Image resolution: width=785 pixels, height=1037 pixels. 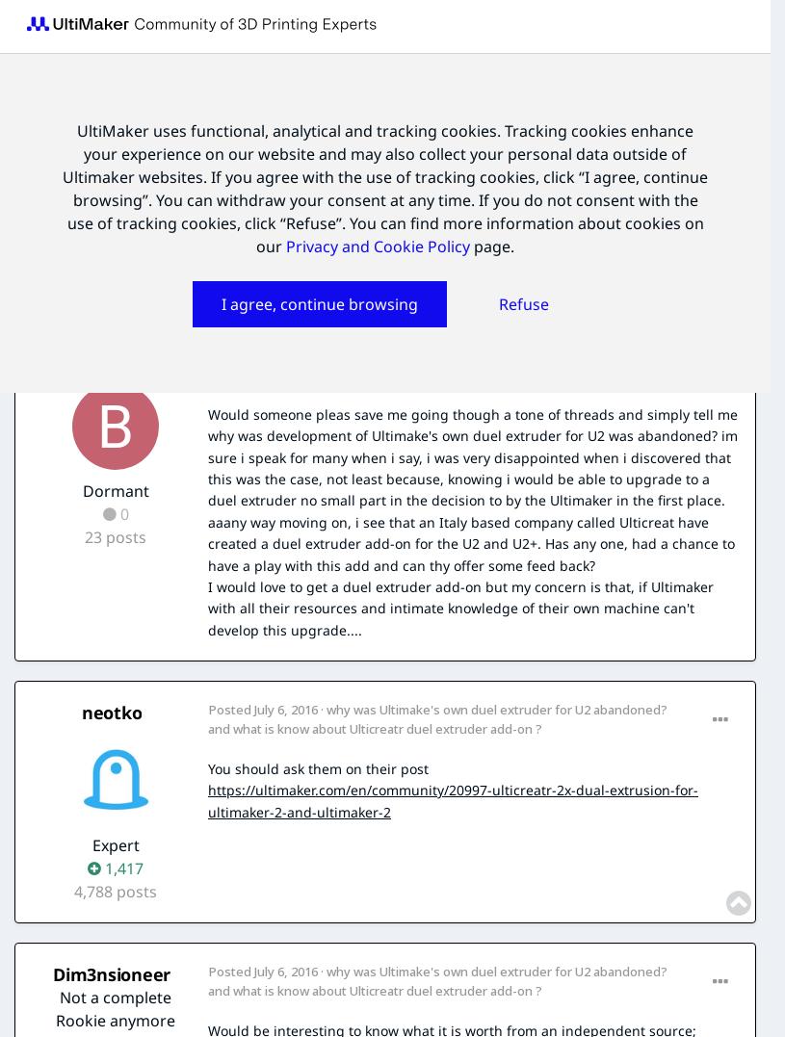 What do you see at coordinates (317, 767) in the screenshot?
I see `'You should ask them on their post'` at bounding box center [317, 767].